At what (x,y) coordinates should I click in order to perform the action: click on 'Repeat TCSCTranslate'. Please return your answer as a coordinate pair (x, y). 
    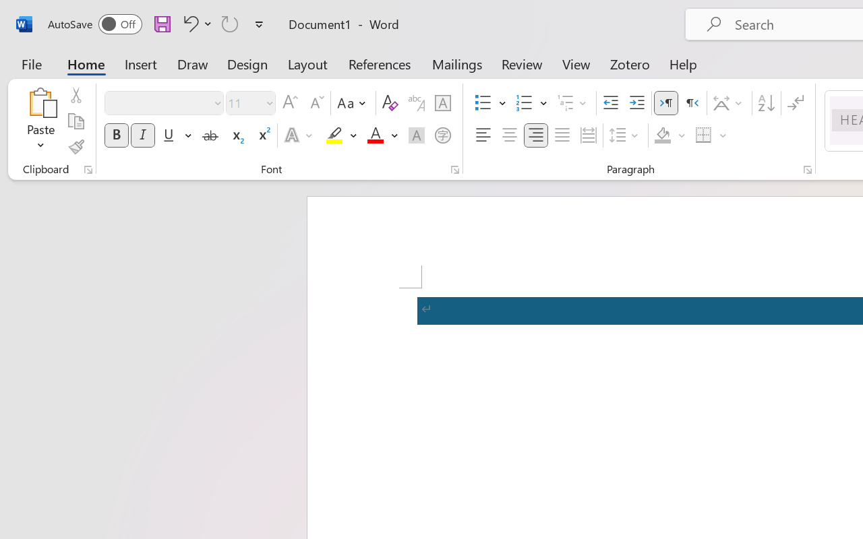
    Looking at the image, I should click on (230, 23).